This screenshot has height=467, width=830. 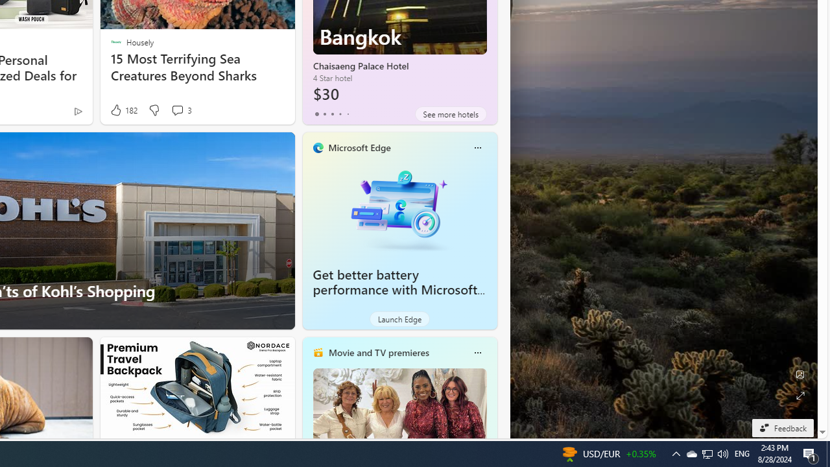 What do you see at coordinates (123, 110) in the screenshot?
I see `'182 Like'` at bounding box center [123, 110].